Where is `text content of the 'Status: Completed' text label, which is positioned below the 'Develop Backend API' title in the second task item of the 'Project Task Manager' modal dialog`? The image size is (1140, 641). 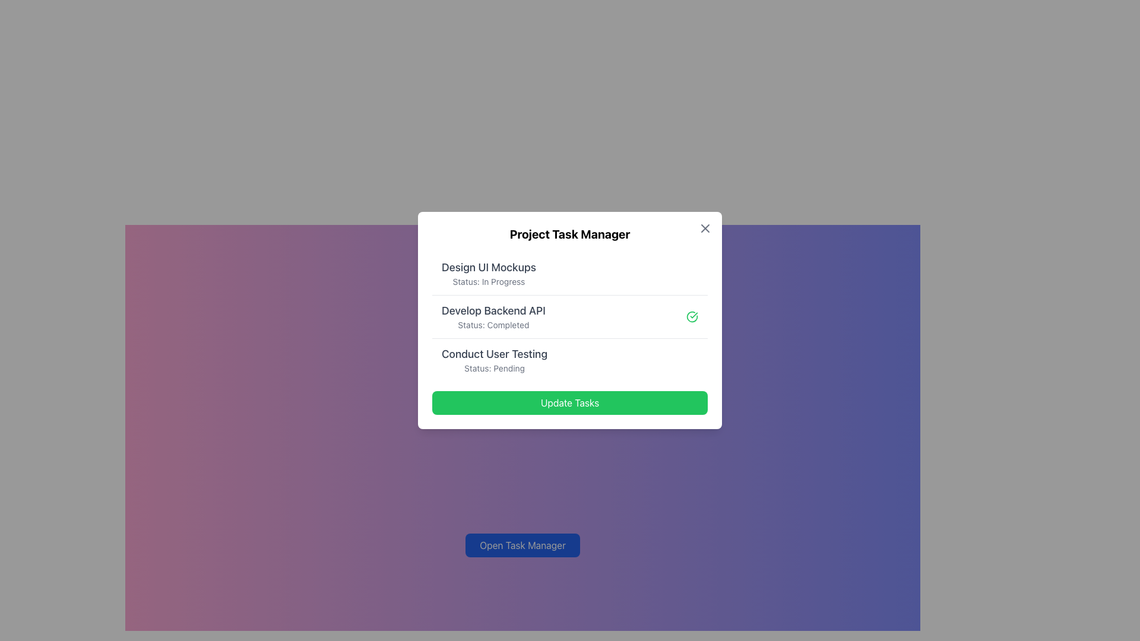
text content of the 'Status: Completed' text label, which is positioned below the 'Develop Backend API' title in the second task item of the 'Project Task Manager' modal dialog is located at coordinates (493, 325).